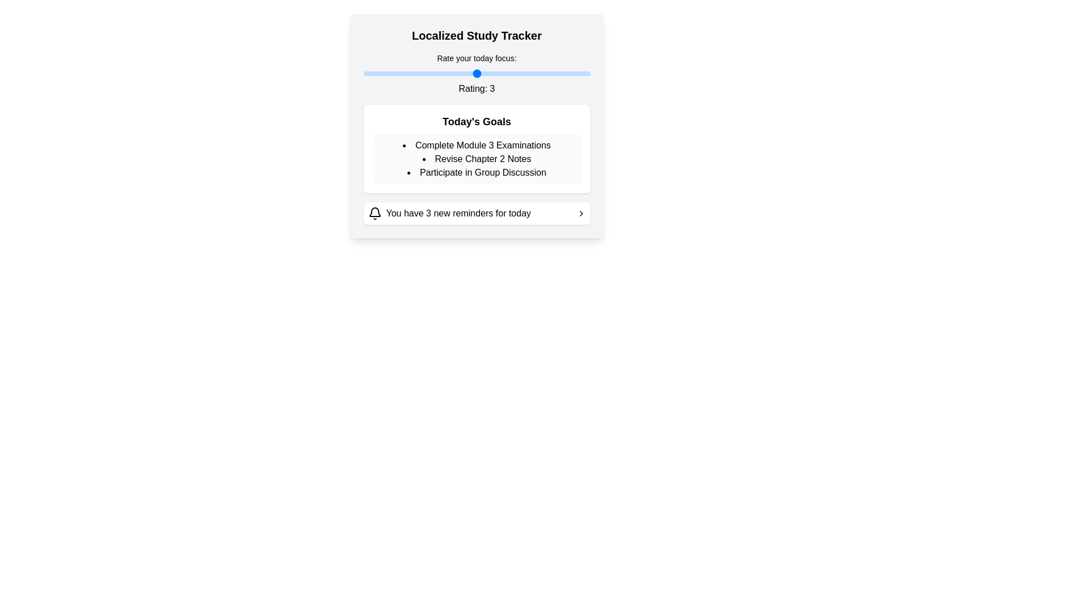  I want to click on the text label 'Rate your today focus:' which is prominently displayed at the top of the 'Localized Study Tracker' card, so click(477, 58).